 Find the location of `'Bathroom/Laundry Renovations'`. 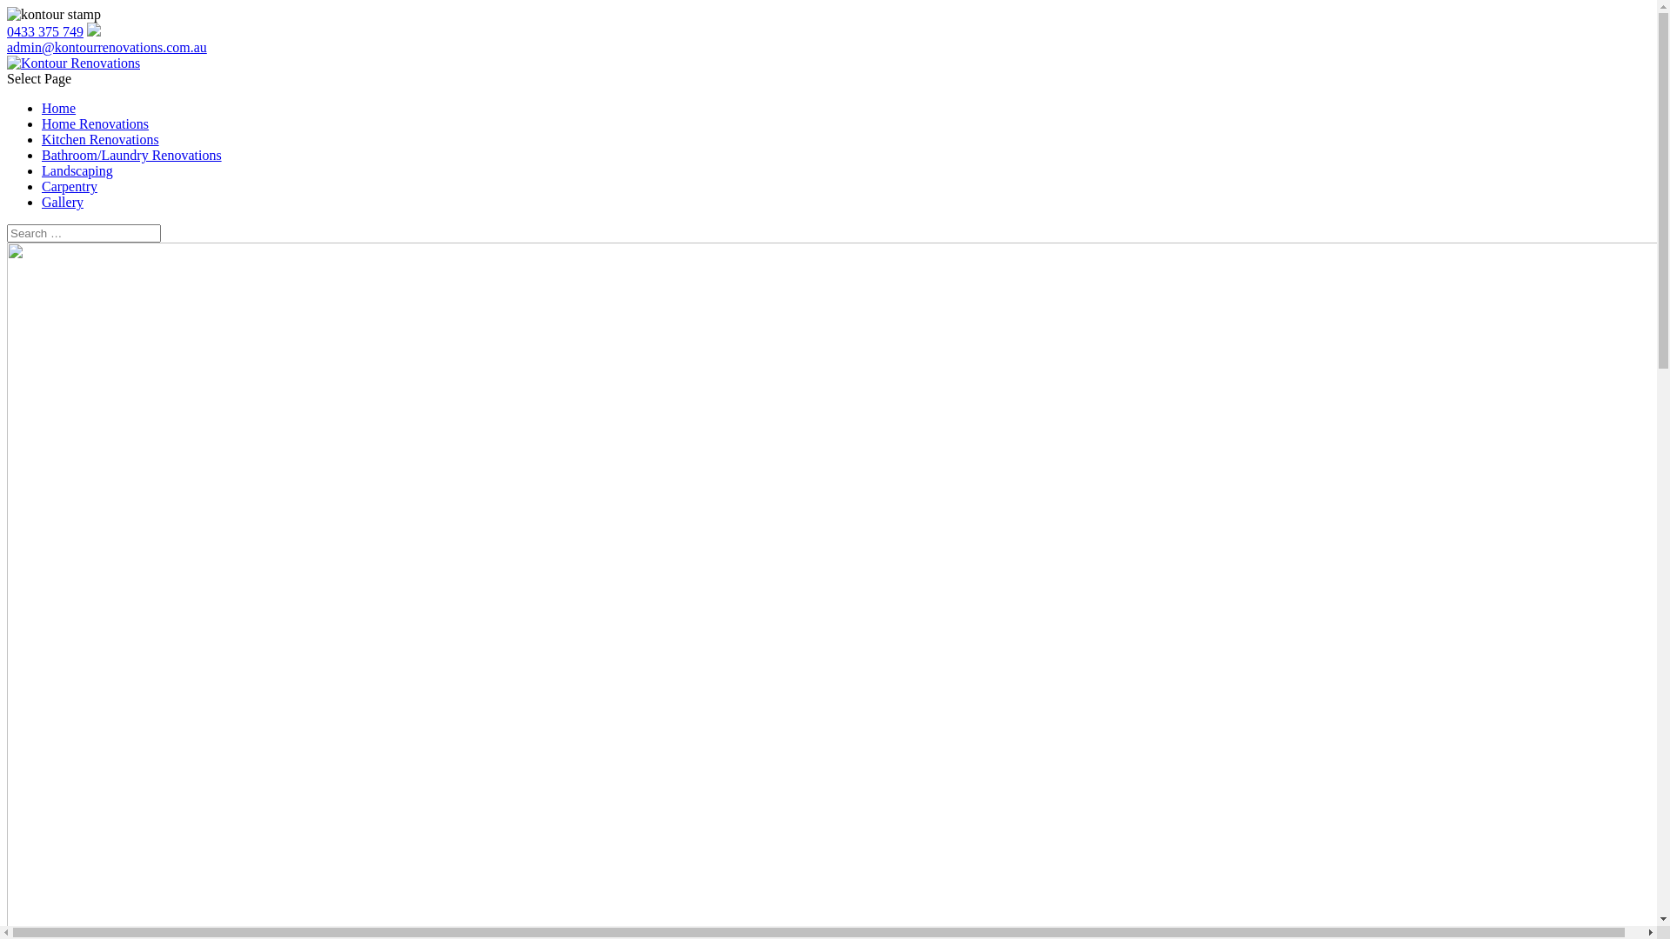

'Bathroom/Laundry Renovations' is located at coordinates (130, 154).